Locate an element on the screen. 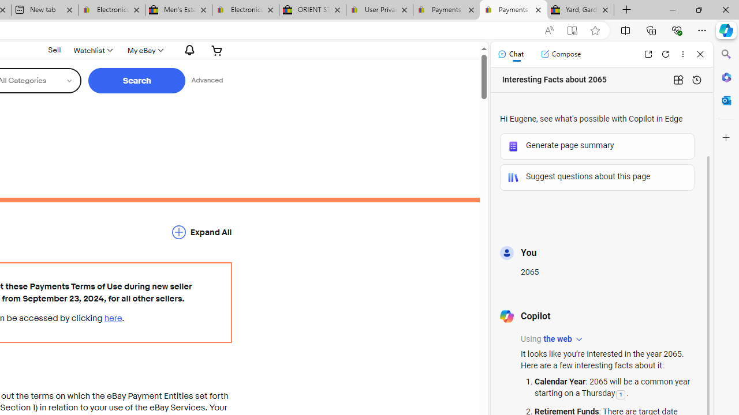  'Payments Terms of Use | eBay.com' is located at coordinates (513, 10).